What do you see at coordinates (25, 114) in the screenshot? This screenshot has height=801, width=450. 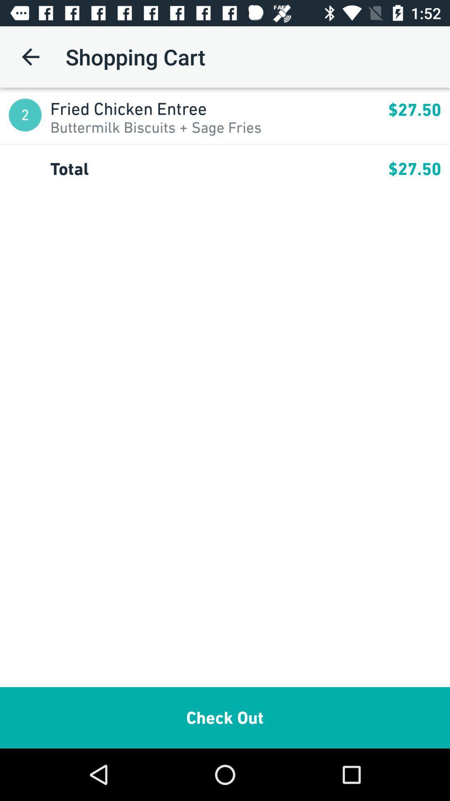 I see `the app next to the fried chicken entree app` at bounding box center [25, 114].